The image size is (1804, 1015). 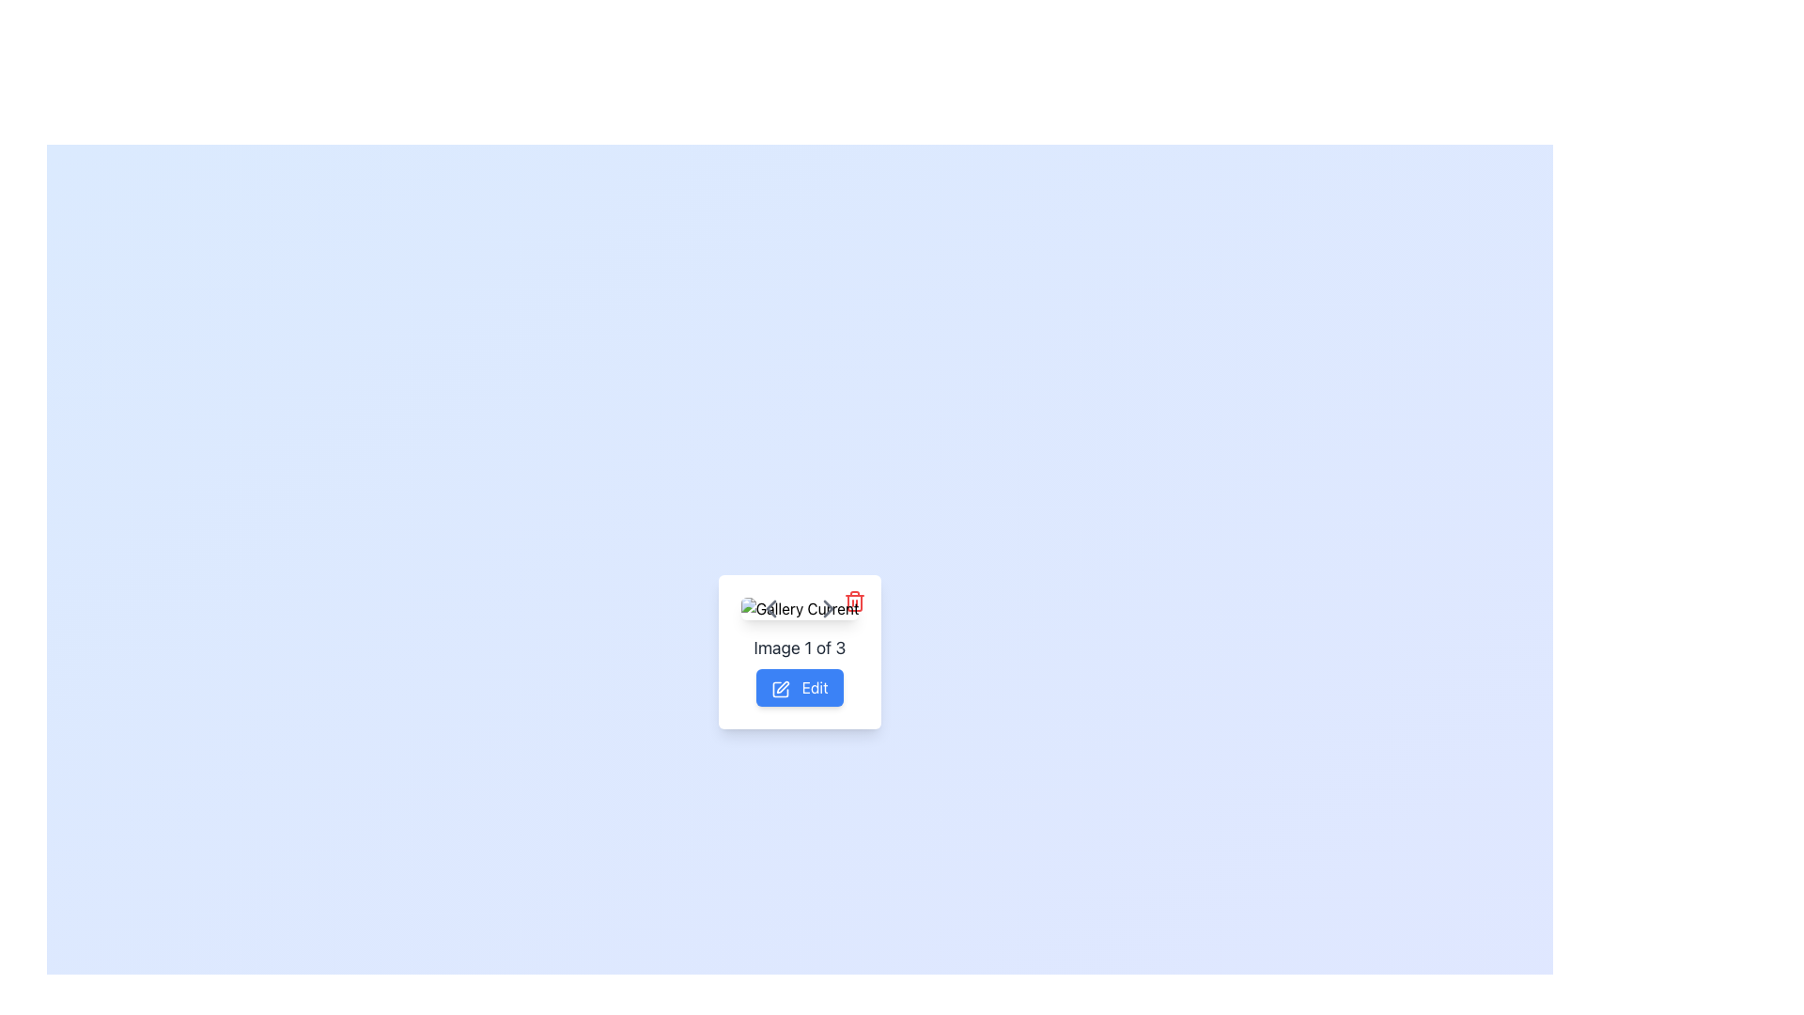 I want to click on the round button with a rightward chevron icon located to the right of the 'Current' text label in the 'Gallery Current' section to change its appearance, so click(x=828, y=609).